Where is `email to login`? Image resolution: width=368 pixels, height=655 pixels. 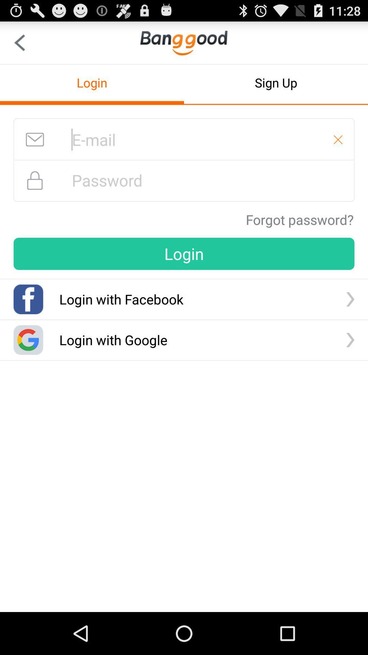 email to login is located at coordinates (184, 139).